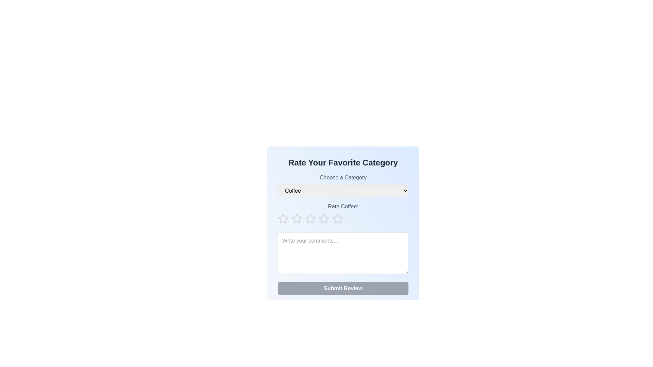 The height and width of the screenshot is (367, 653). I want to click on the first star icon in the rating row, which is outlined in light gray and located below the 'Rate Coffee:' label, so click(283, 219).